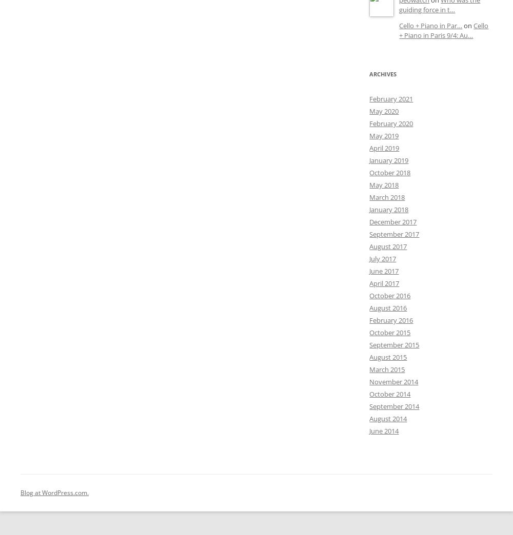  What do you see at coordinates (387, 369) in the screenshot?
I see `'March 2015'` at bounding box center [387, 369].